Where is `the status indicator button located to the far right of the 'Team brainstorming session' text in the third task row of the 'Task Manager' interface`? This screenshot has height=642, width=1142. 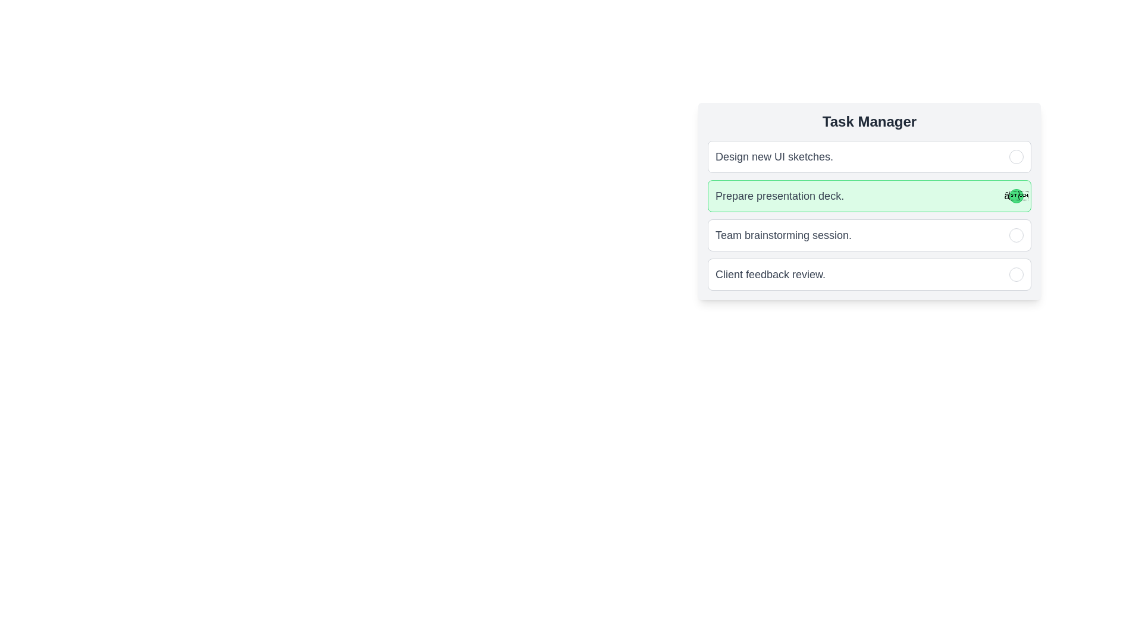 the status indicator button located to the far right of the 'Team brainstorming session' text in the third task row of the 'Task Manager' interface is located at coordinates (1015, 235).